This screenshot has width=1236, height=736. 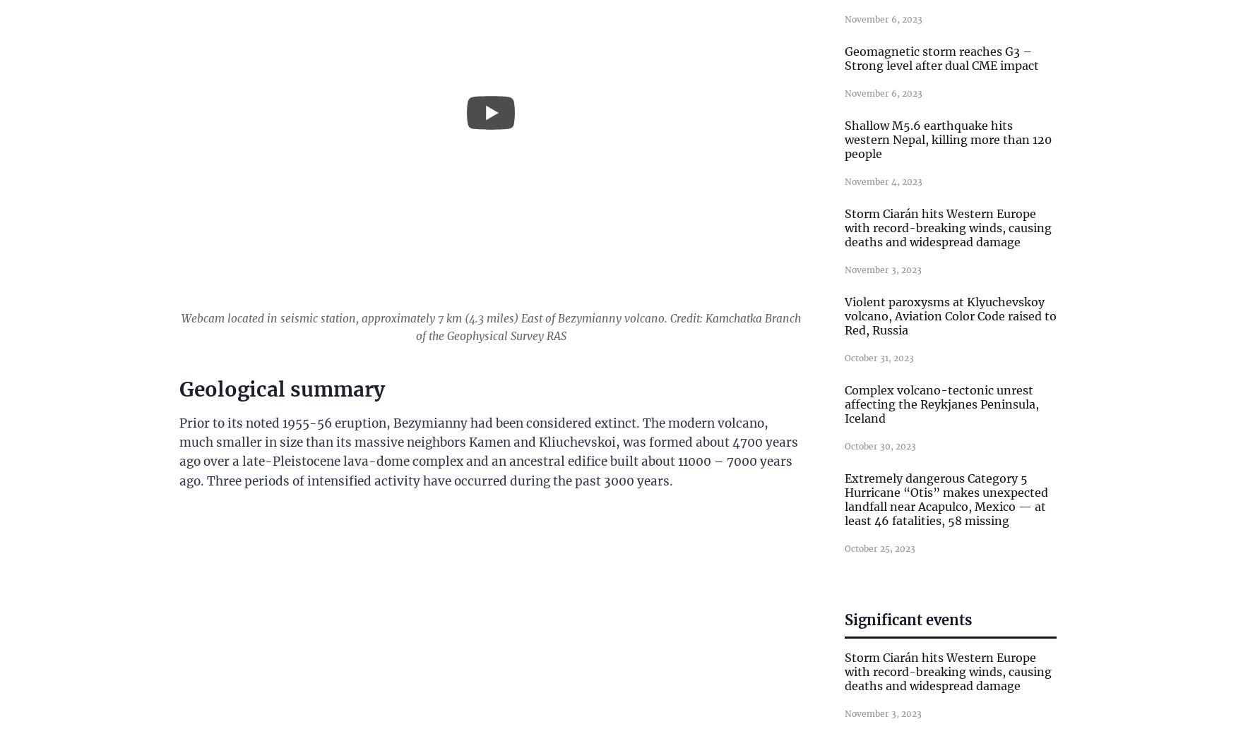 I want to click on 'Webcam located in seismic station, approximately 7 km (4.3 miles) East of Bezymianny volcano. Credit: Kamchatka Branch of the Geophysical Survey RAS', so click(x=490, y=326).